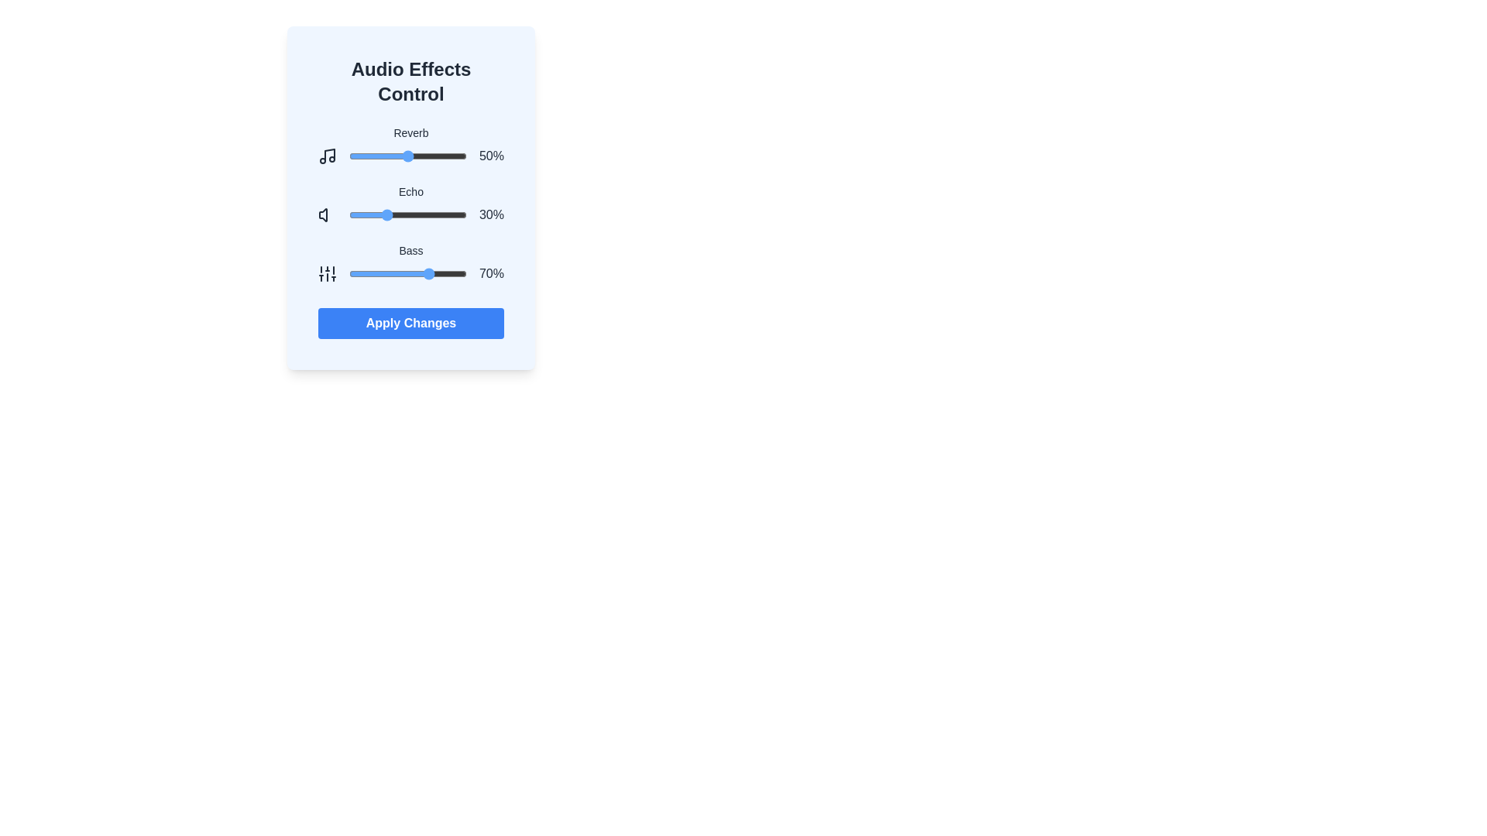  What do you see at coordinates (349, 156) in the screenshot?
I see `the reverb level` at bounding box center [349, 156].